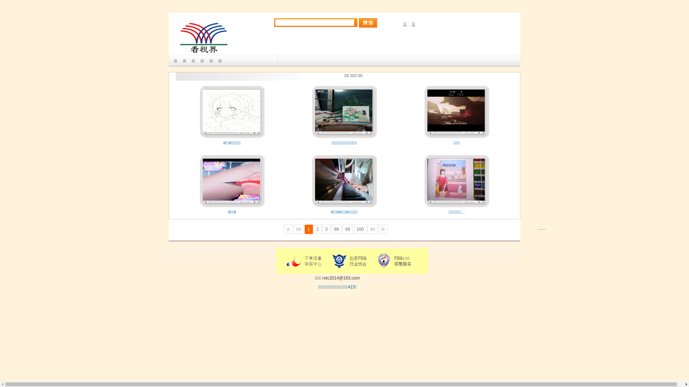  Describe the element at coordinates (347, 229) in the screenshot. I see `'99'` at that location.